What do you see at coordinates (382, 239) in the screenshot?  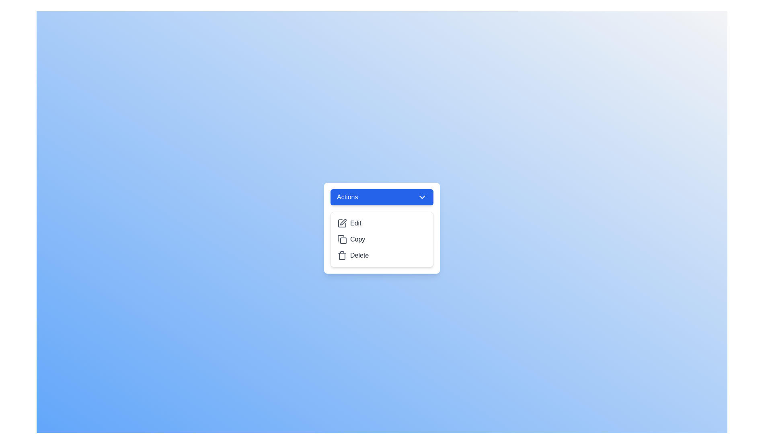 I see `the menu list containing options for 'Edit', 'Copy', and 'Delete', which is located centrally below the 'Actions' dropdown button` at bounding box center [382, 239].